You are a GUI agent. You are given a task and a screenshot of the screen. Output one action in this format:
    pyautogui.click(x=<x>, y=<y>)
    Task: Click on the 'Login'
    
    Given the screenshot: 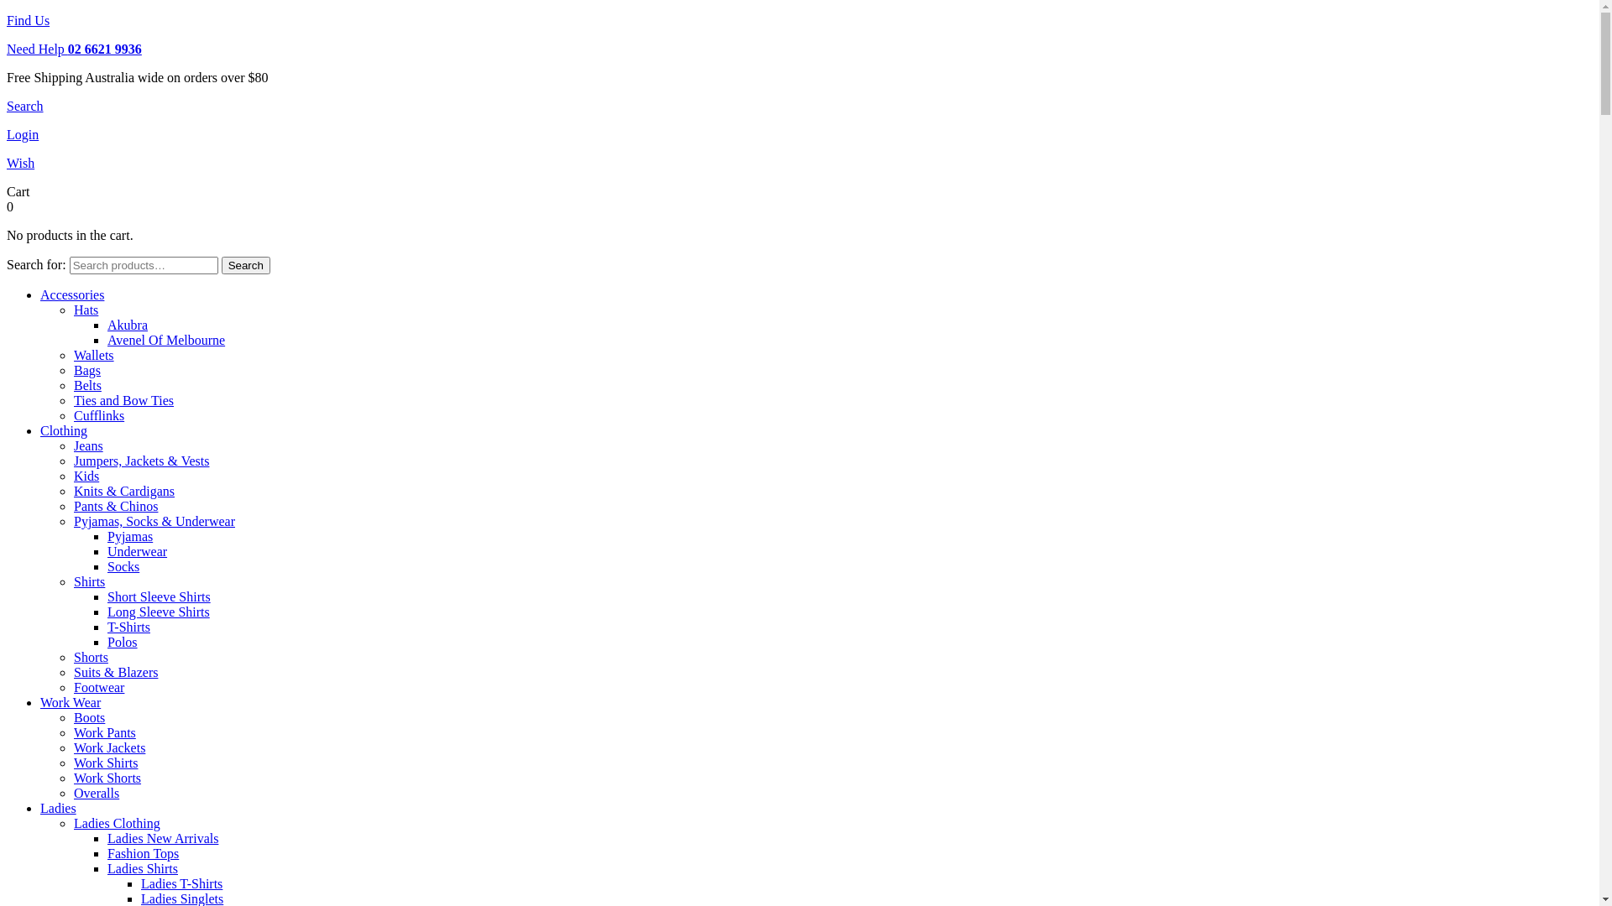 What is the action you would take?
    pyautogui.click(x=23, y=133)
    